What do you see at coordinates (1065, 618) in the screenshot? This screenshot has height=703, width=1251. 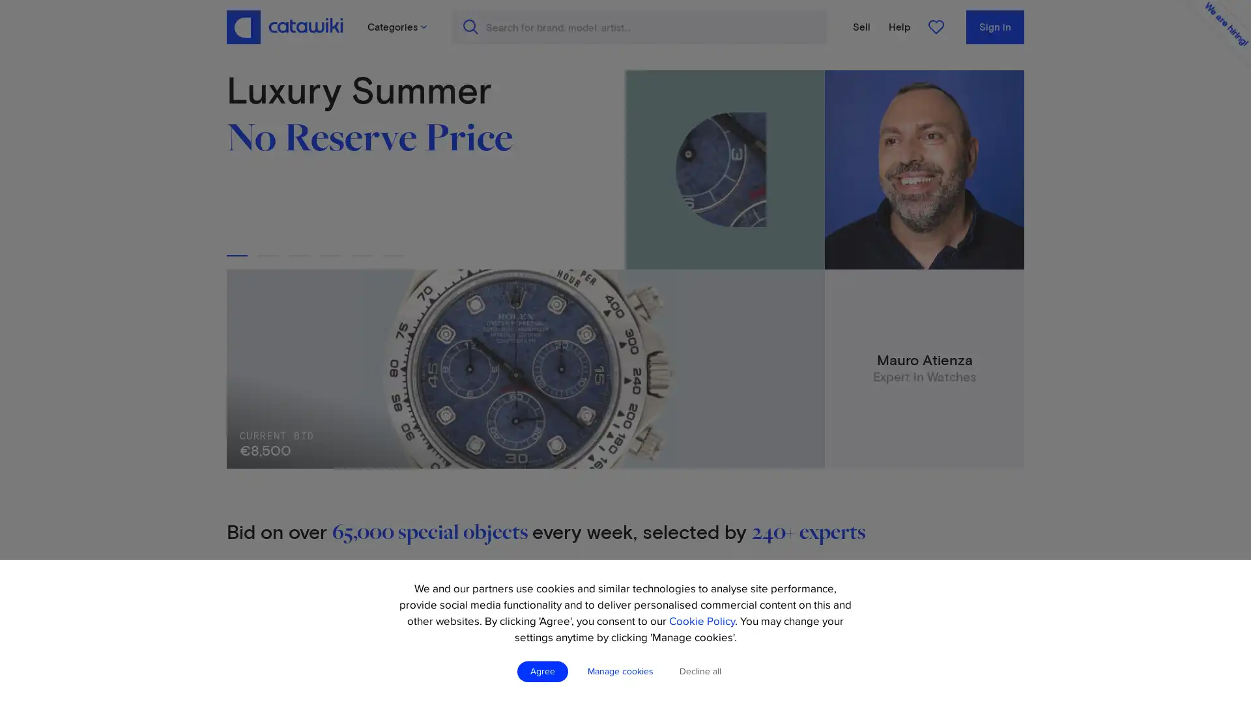 I see `Create account` at bounding box center [1065, 618].